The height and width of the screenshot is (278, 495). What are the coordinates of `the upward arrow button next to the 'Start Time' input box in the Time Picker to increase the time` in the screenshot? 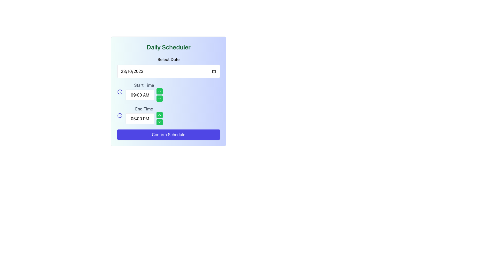 It's located at (144, 92).